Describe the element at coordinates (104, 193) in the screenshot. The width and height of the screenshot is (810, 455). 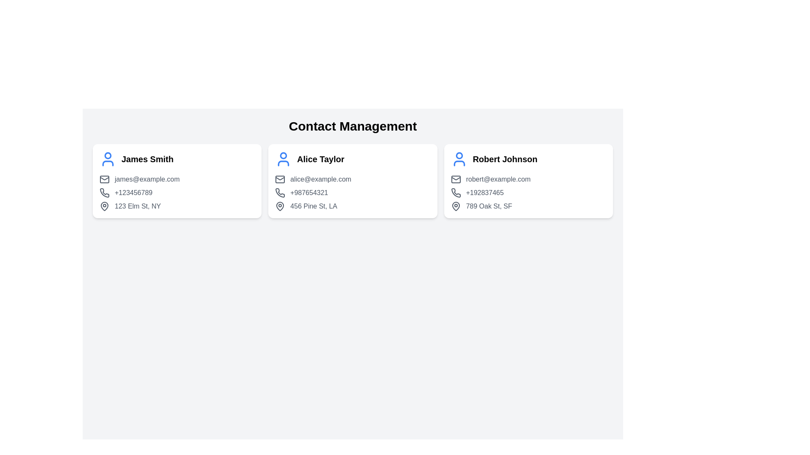
I see `the phone icon representing 'James Smith' located before the phone number '+123456789'` at that location.